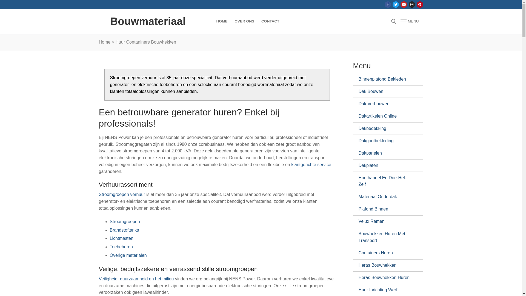 This screenshot has width=526, height=296. I want to click on 'Materiaal Onderdak', so click(385, 197).